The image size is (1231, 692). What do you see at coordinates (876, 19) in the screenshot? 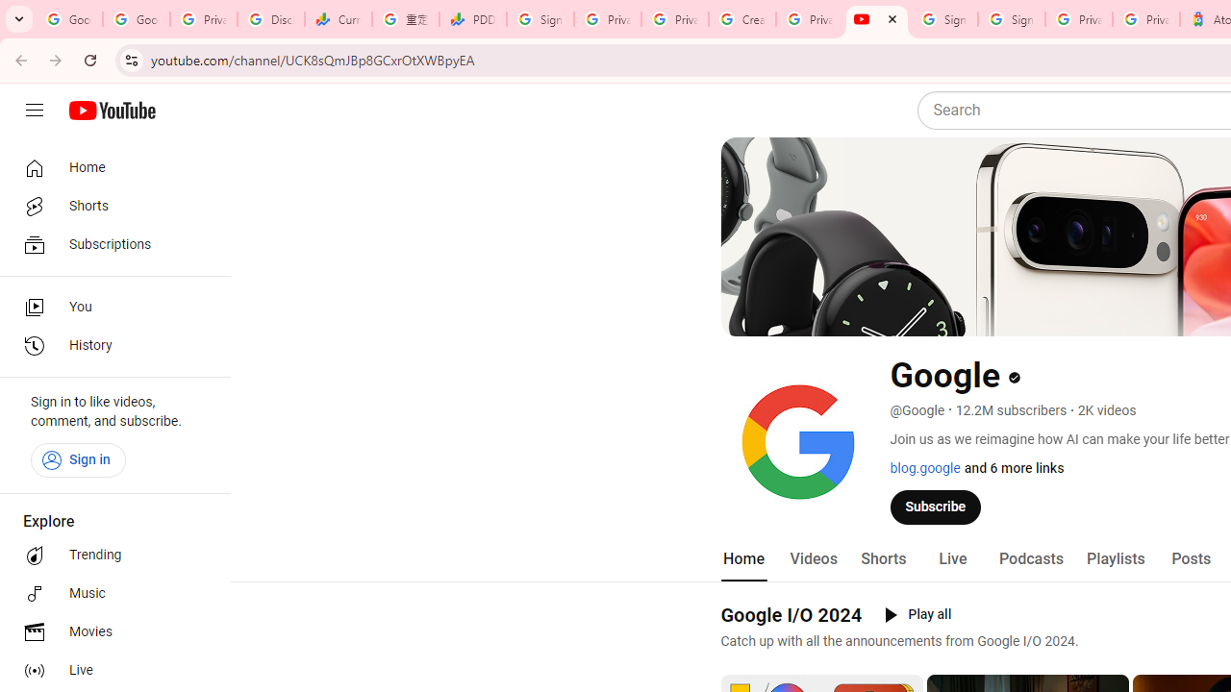
I see `'Google - YouTube'` at bounding box center [876, 19].